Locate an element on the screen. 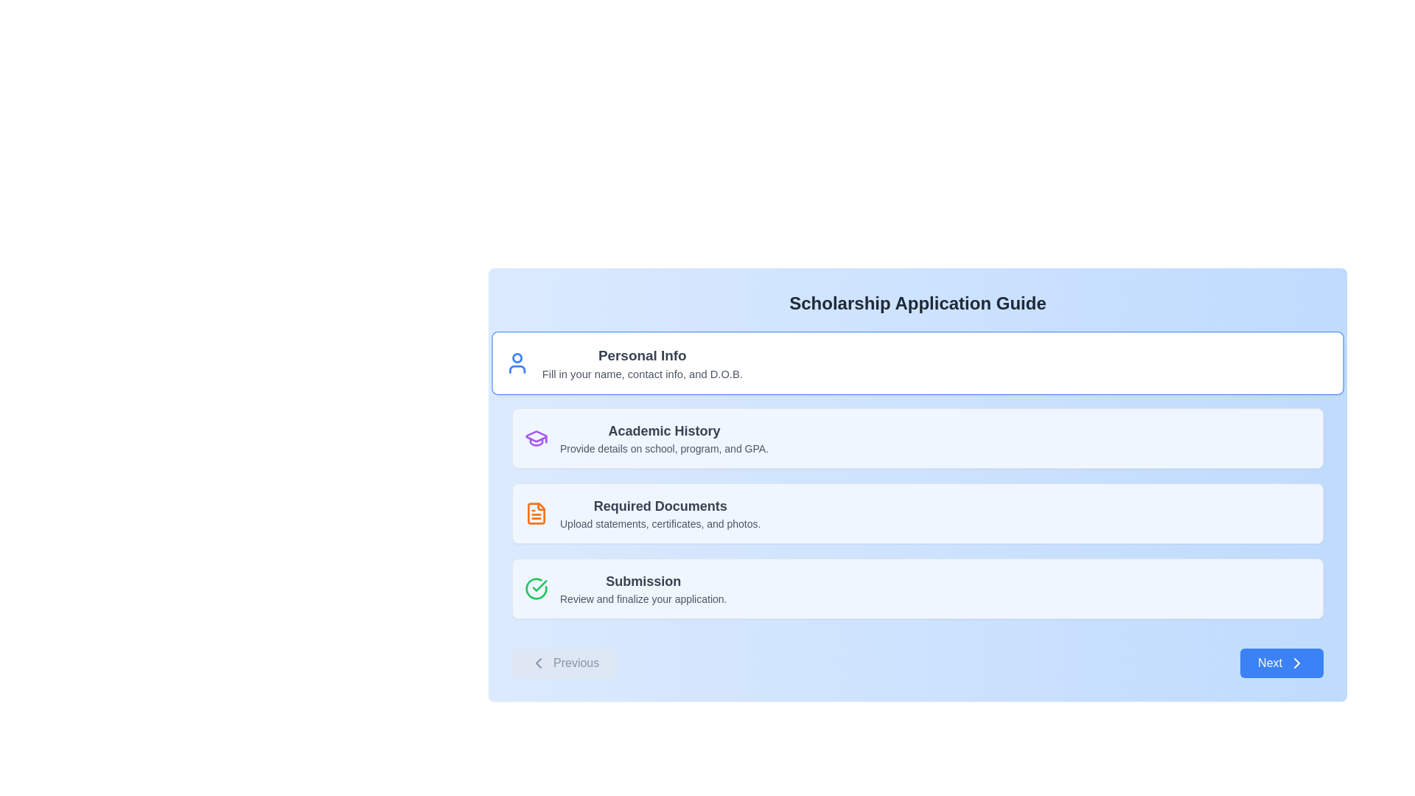  the compact rightward arrow icon within the blue 'Next' button to proceed to the next step is located at coordinates (1297, 662).